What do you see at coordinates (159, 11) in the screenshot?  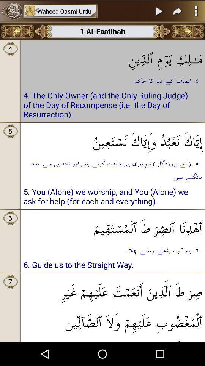 I see `click on next` at bounding box center [159, 11].